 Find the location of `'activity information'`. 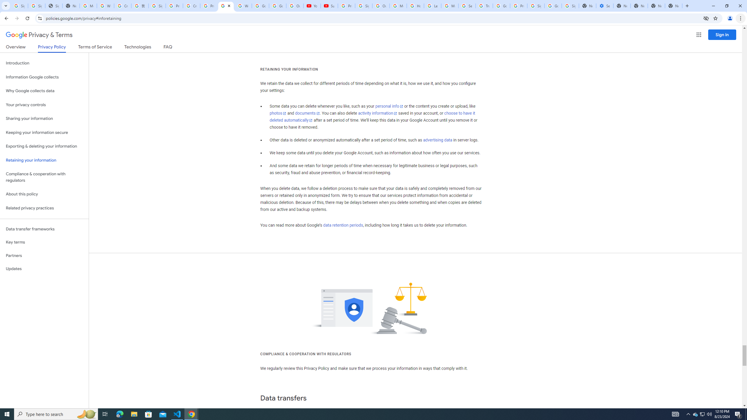

'activity information' is located at coordinates (377, 113).